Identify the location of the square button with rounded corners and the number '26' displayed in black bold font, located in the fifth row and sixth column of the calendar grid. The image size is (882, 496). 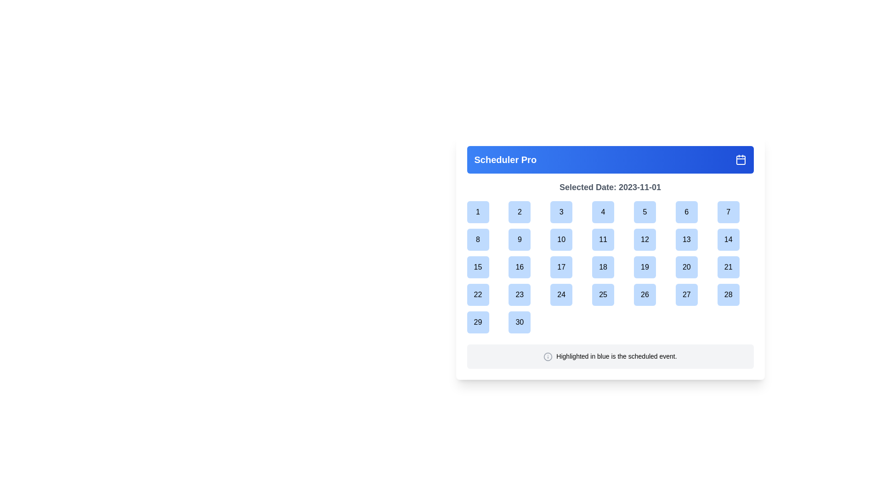
(651, 294).